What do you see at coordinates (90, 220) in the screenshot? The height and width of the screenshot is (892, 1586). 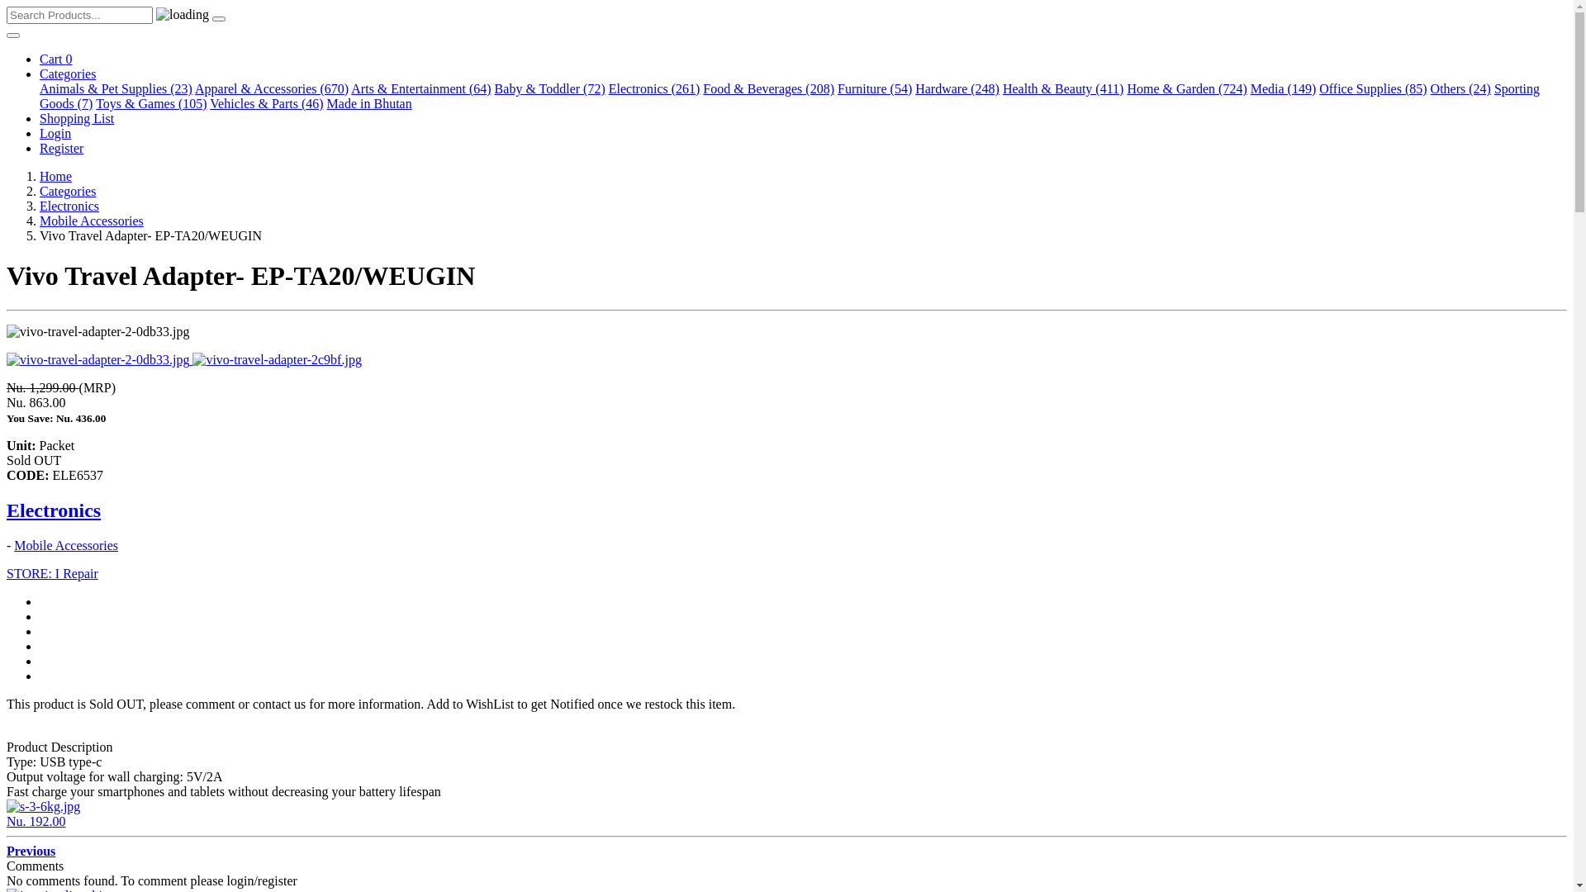 I see `'Mobile Accessories'` at bounding box center [90, 220].